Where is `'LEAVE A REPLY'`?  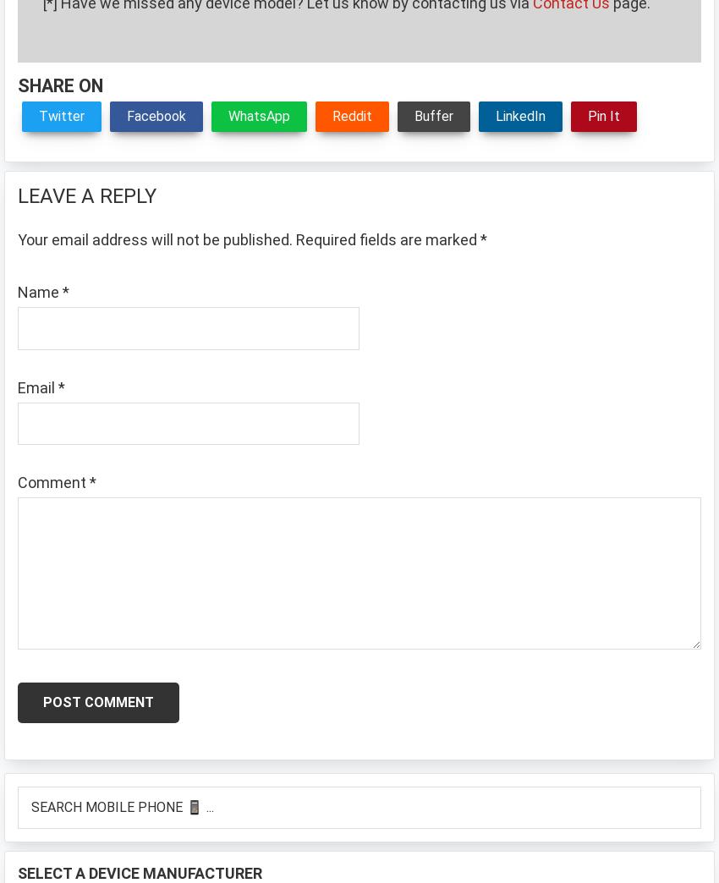
'LEAVE A REPLY' is located at coordinates (86, 195).